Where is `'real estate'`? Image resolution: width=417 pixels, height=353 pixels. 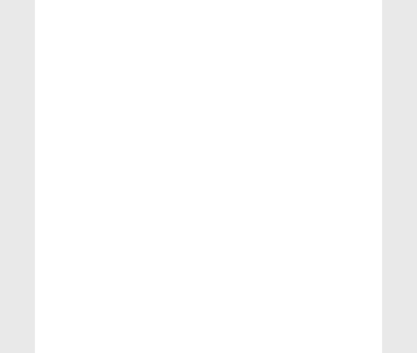
'real estate' is located at coordinates (65, 205).